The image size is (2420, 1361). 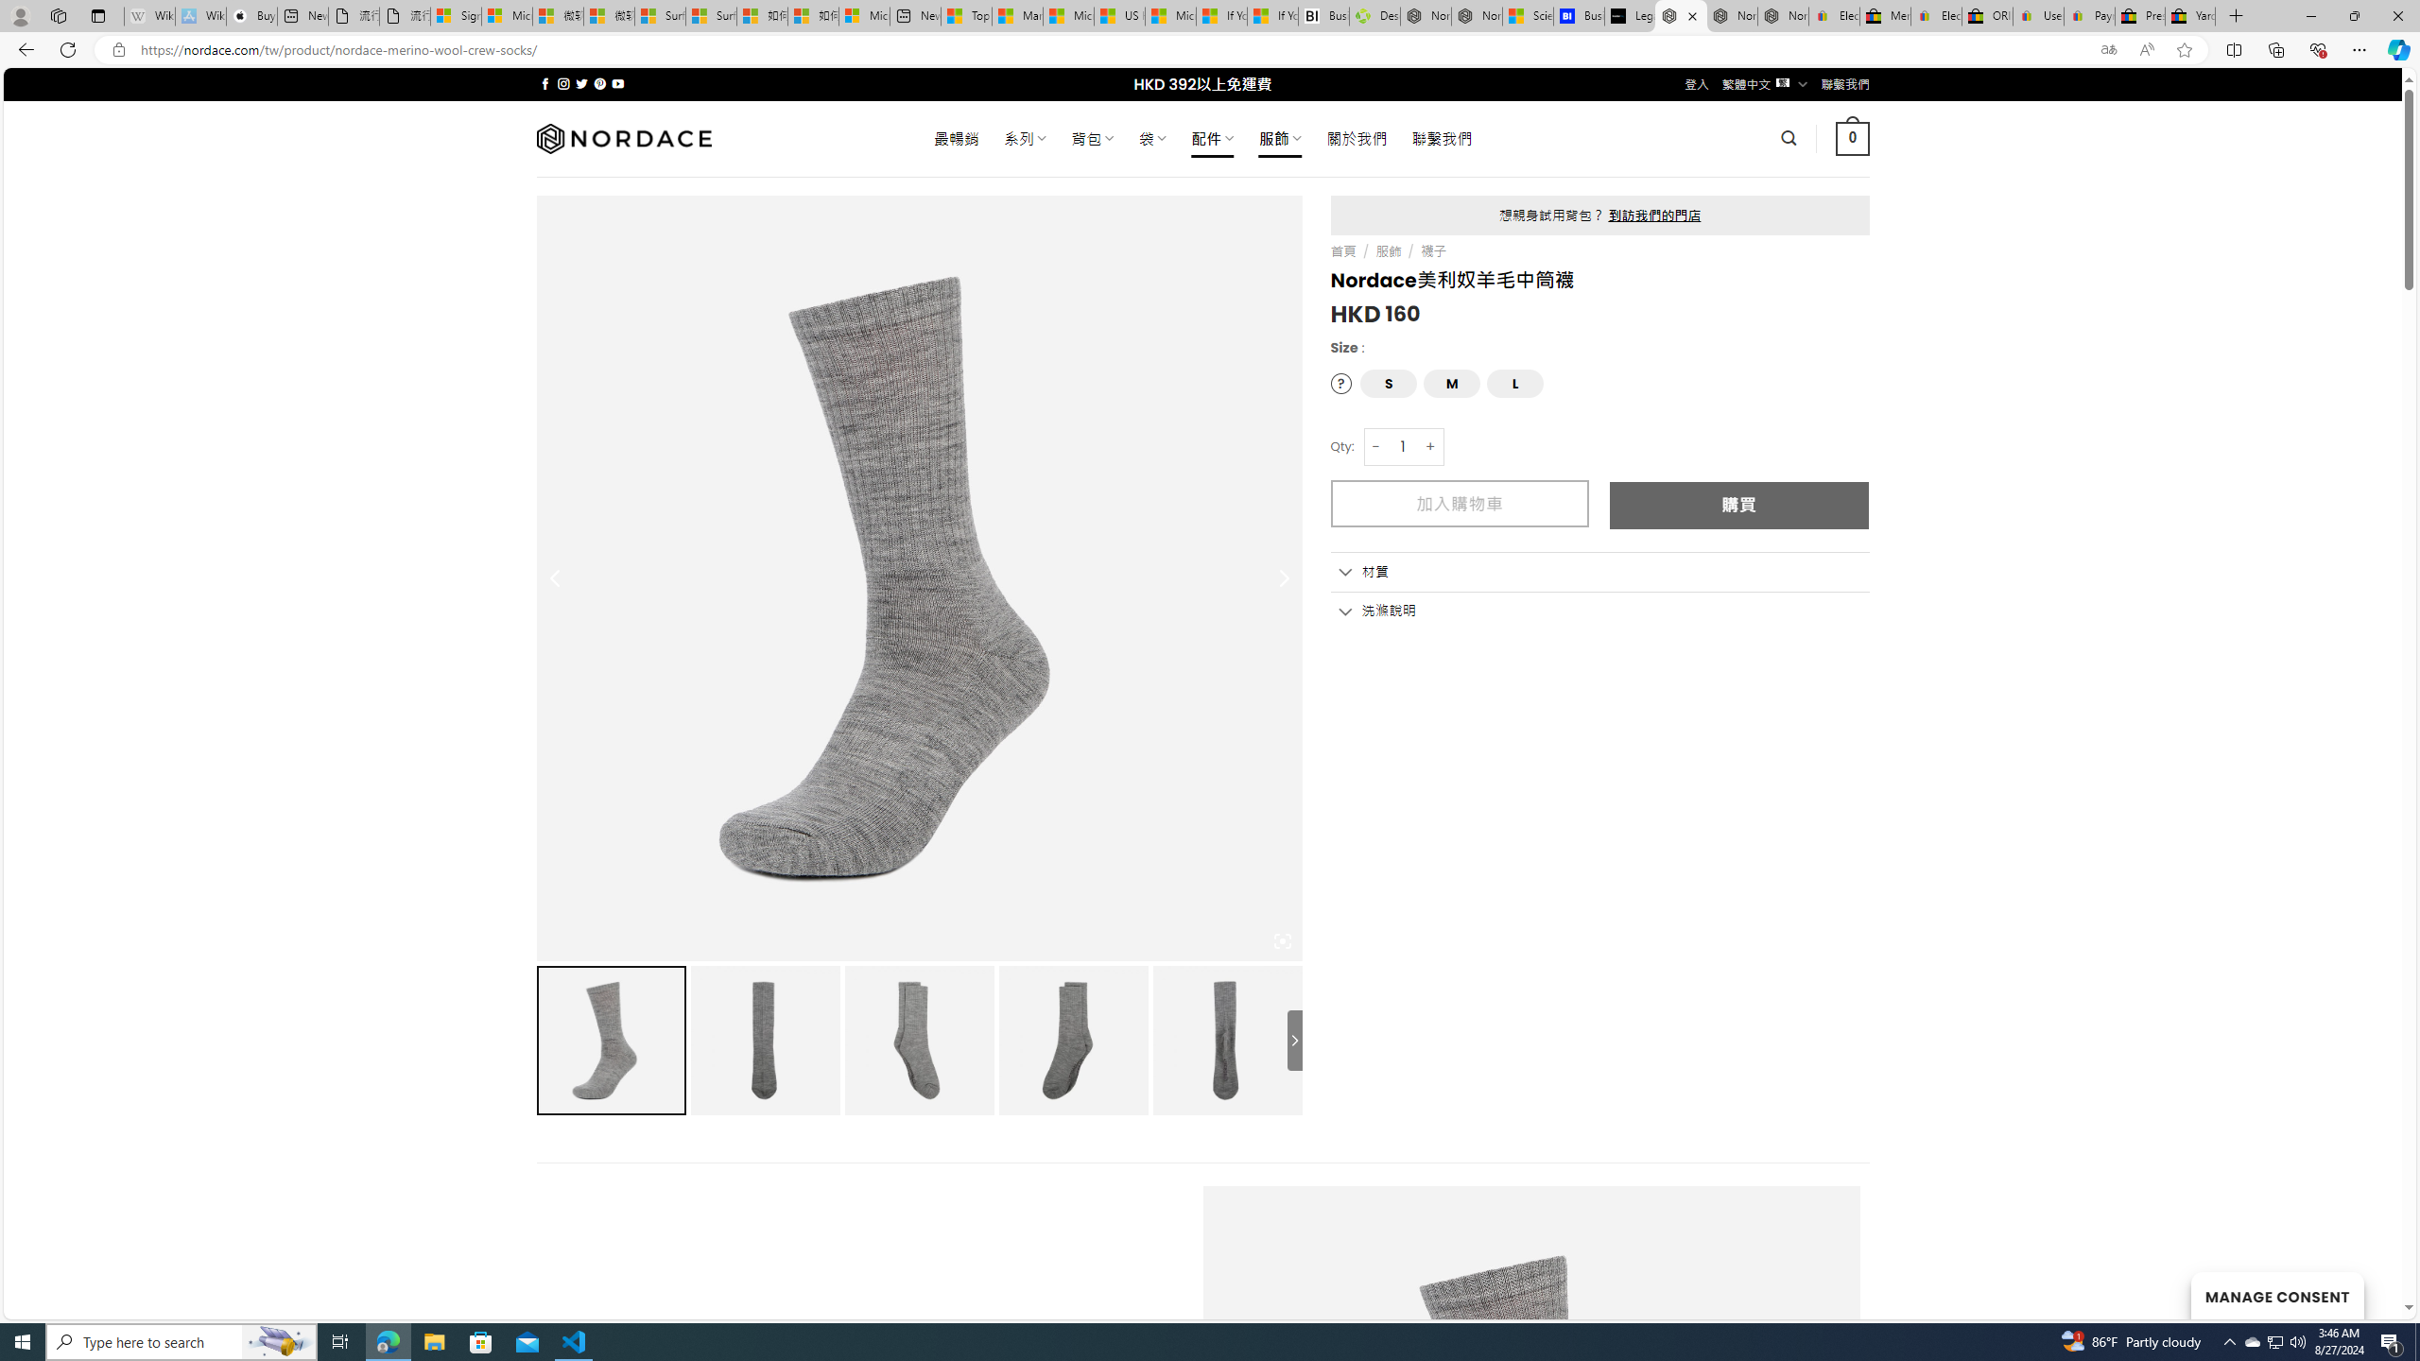 What do you see at coordinates (1853, 137) in the screenshot?
I see `' 0 '` at bounding box center [1853, 137].